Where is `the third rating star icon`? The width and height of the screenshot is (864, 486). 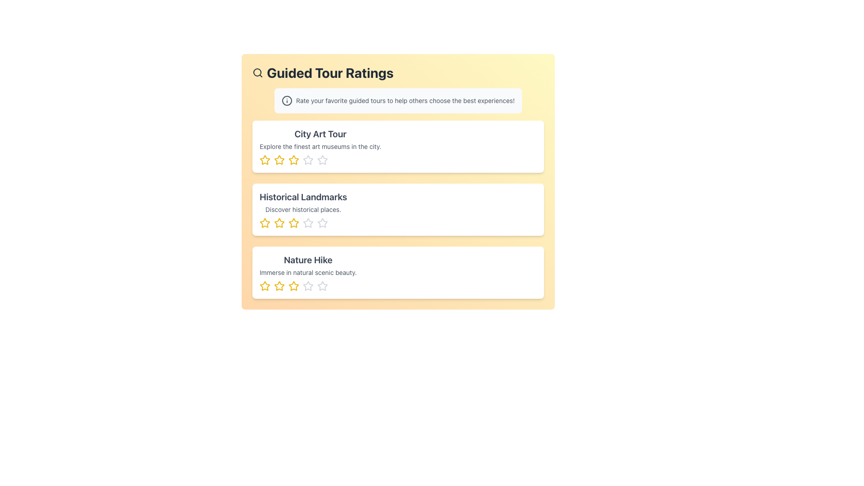
the third rating star icon is located at coordinates (308, 223).